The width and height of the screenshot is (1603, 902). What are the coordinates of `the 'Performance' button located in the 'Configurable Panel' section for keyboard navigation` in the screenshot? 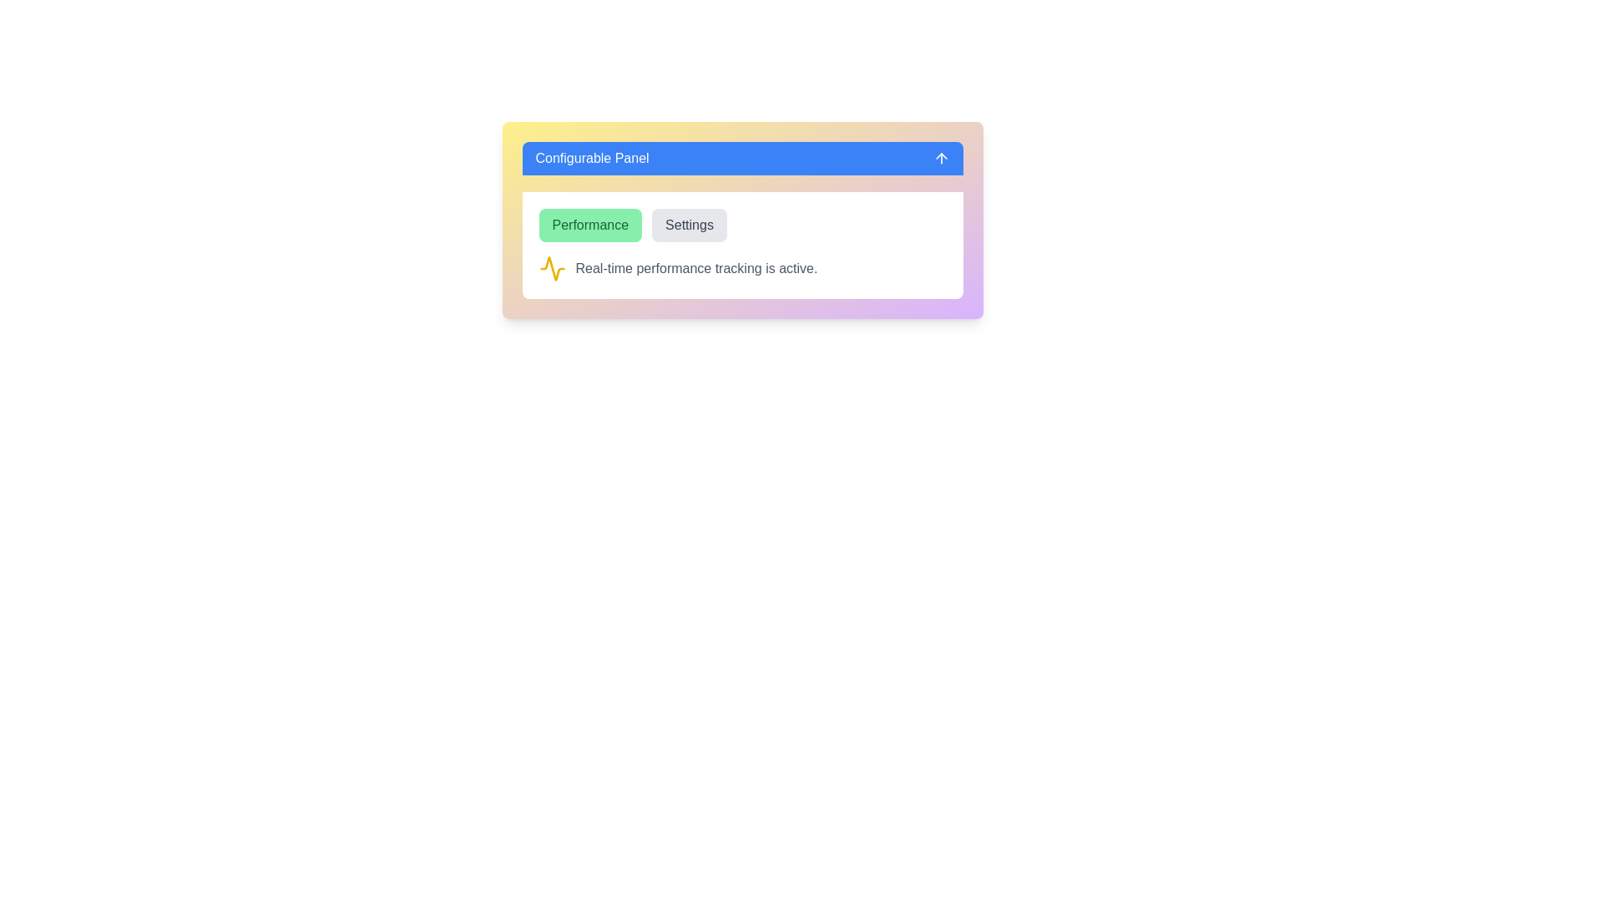 It's located at (590, 225).